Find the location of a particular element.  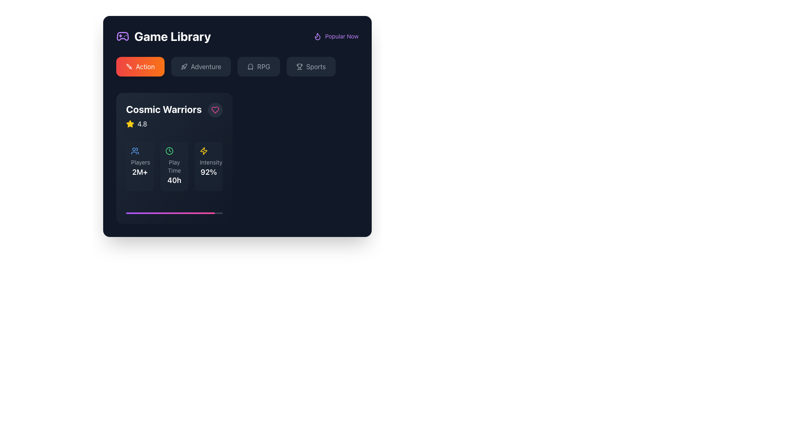

statistics displayed on the Statistical Information Display card, which shows 'Players' and '2M+' with an icon of two people at the top is located at coordinates (140, 166).